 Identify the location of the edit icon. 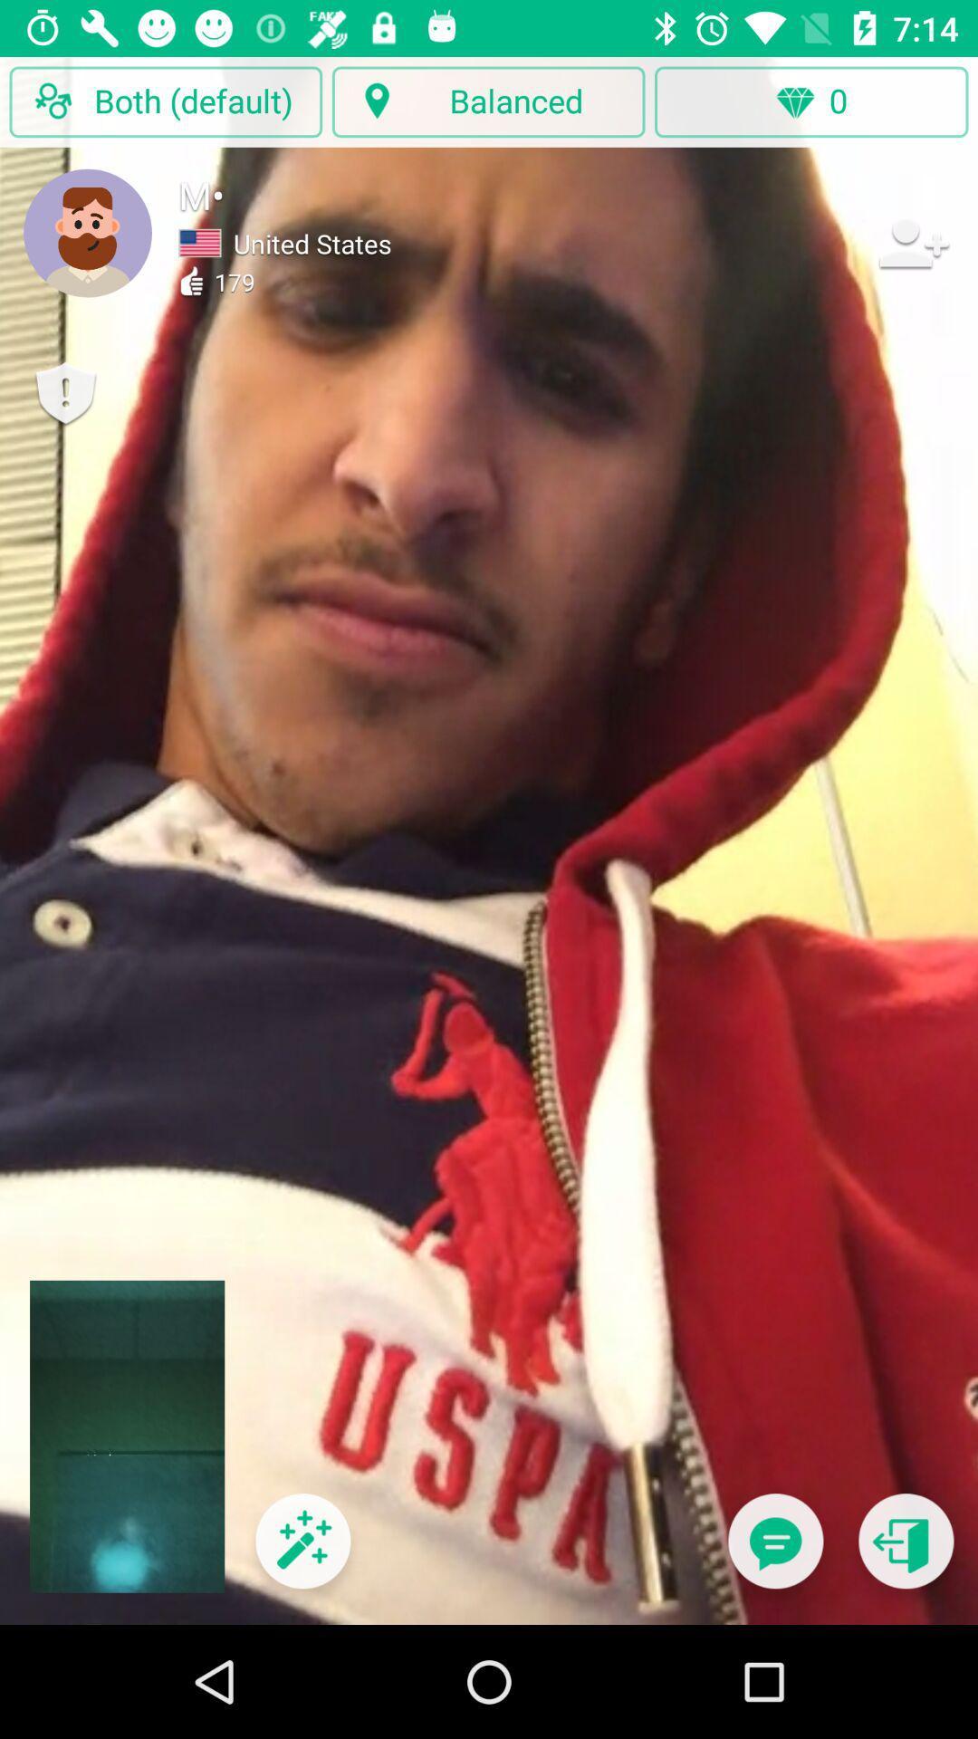
(302, 1552).